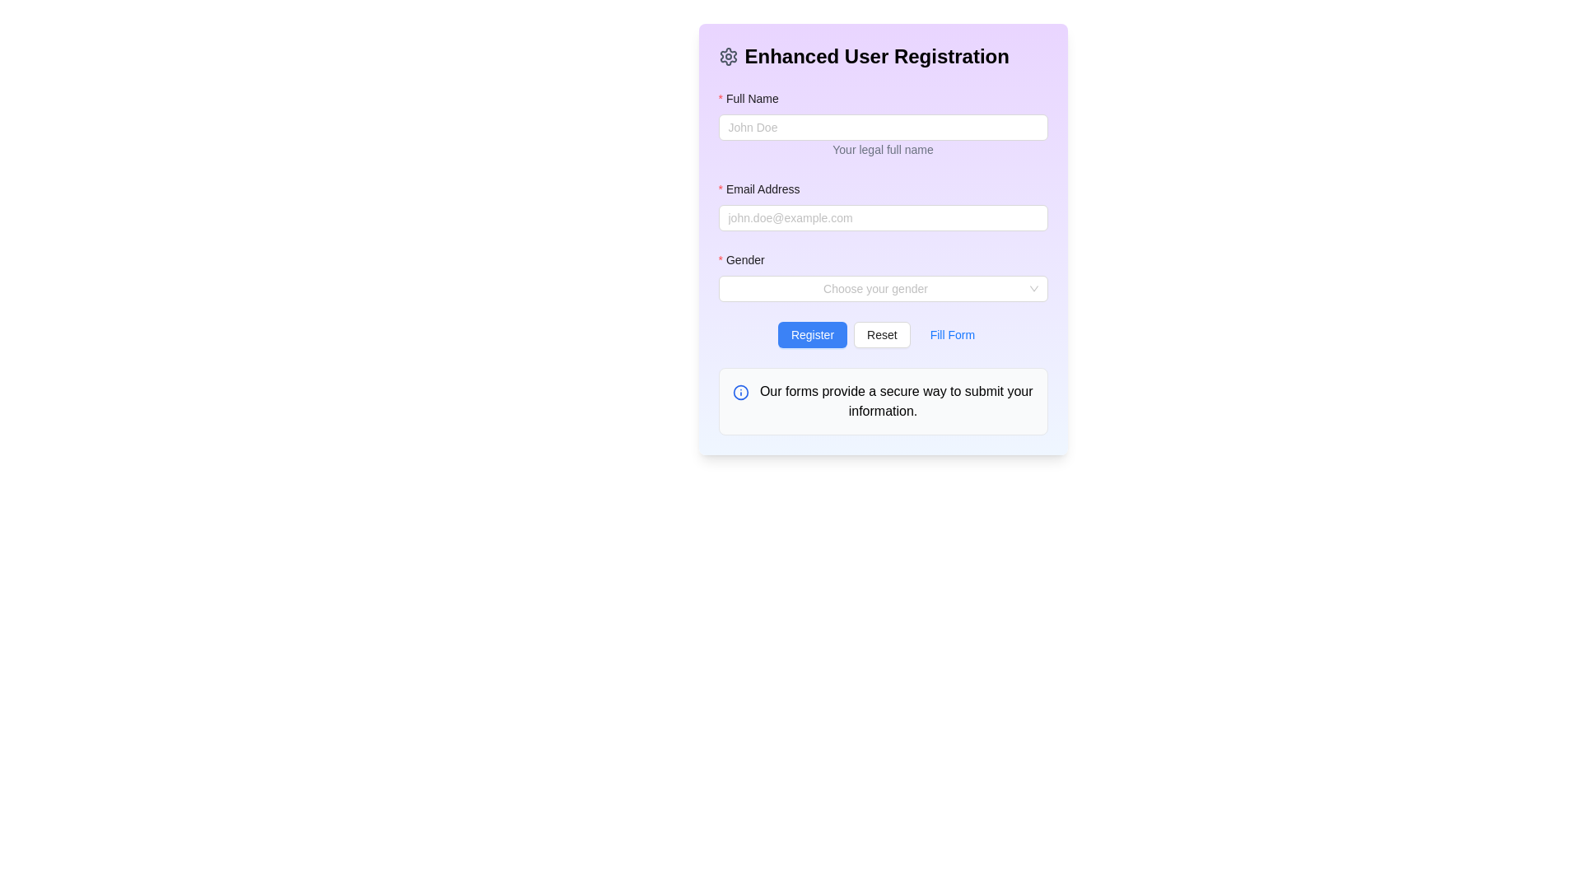  I want to click on the circular blue icon with an information symbol located to the left of the text 'Our forms provide a secure way to submit your information.' at the bottom section of the card, so click(740, 392).